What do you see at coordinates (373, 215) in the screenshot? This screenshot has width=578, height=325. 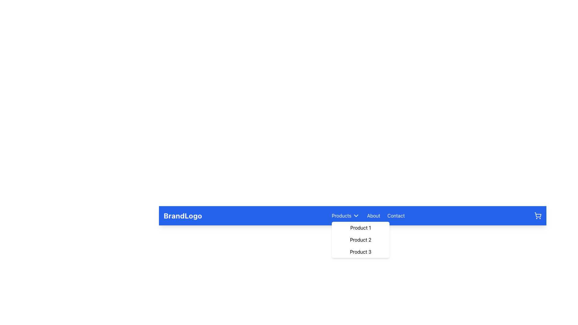 I see `the 'About' text label on the blue navigation bar` at bounding box center [373, 215].